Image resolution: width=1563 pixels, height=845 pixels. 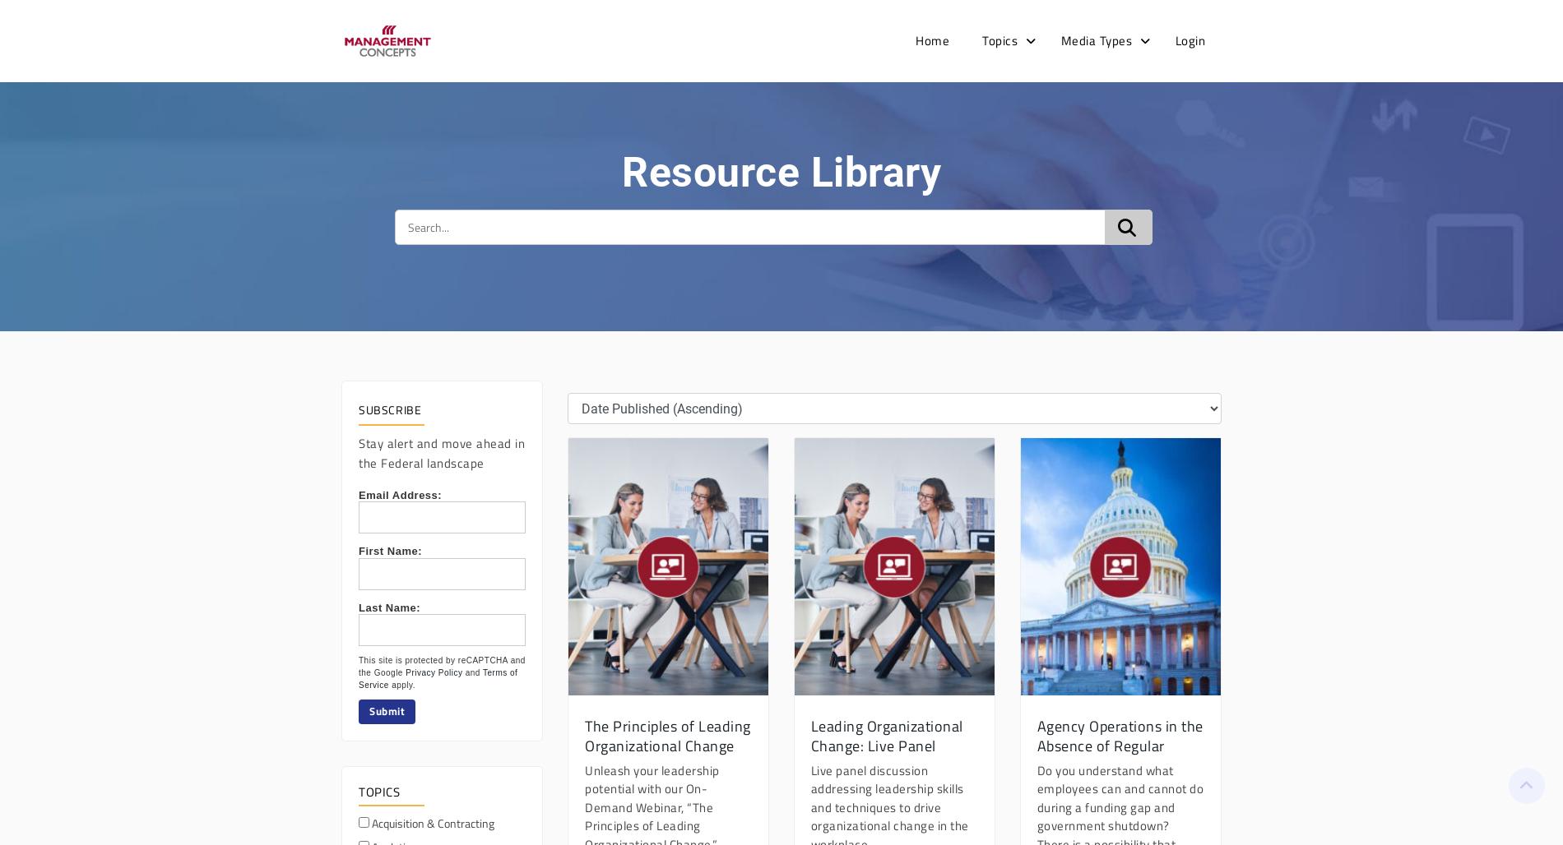 I want to click on 'Home', so click(x=932, y=40).